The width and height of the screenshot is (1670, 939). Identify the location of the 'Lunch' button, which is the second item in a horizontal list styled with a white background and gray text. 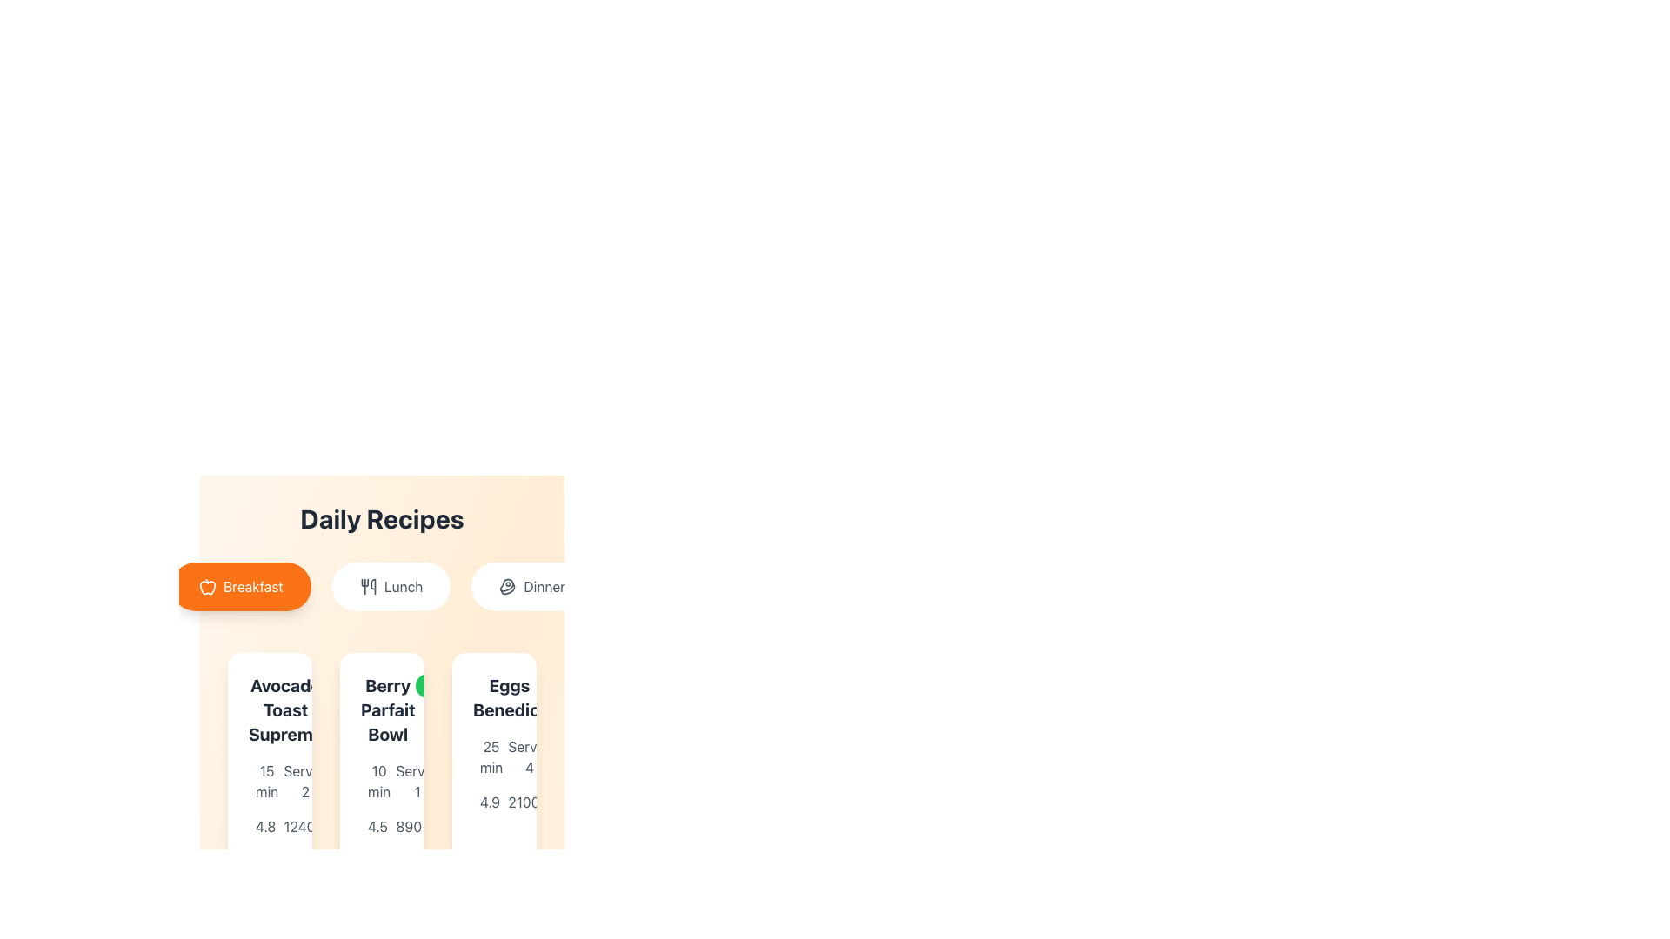
(381, 587).